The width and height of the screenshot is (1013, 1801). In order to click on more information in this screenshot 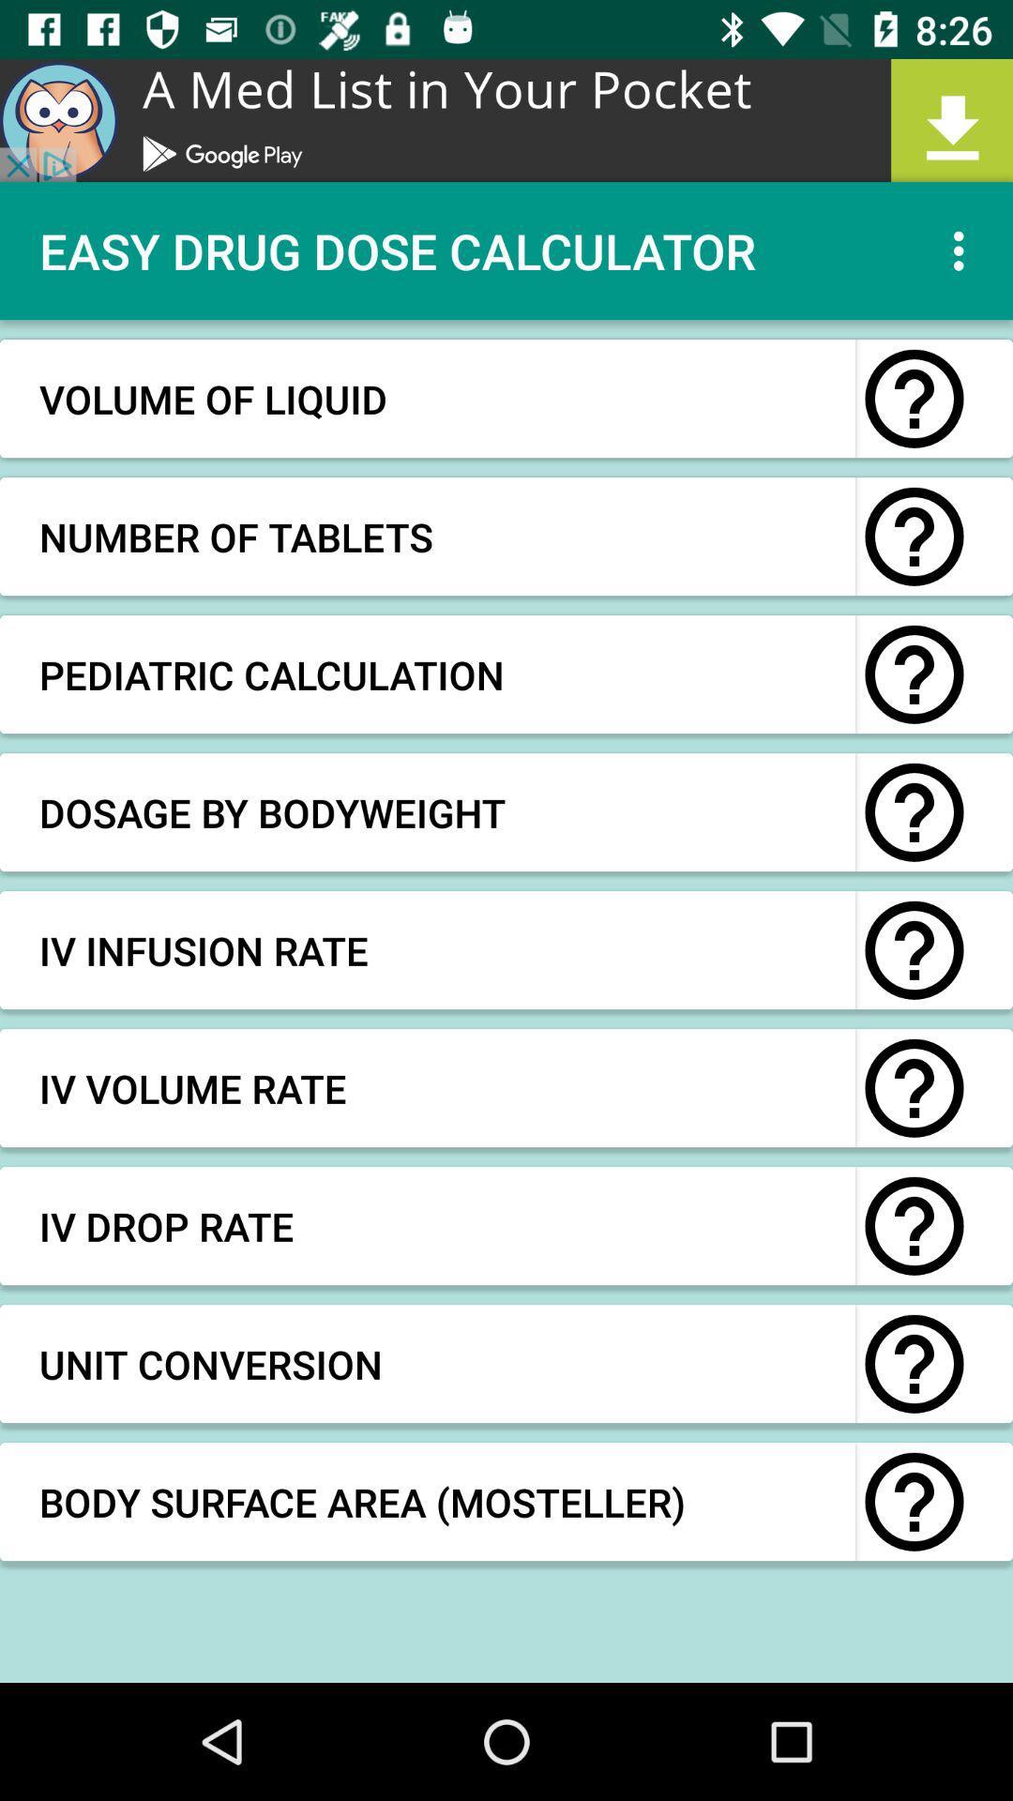, I will do `click(914, 536)`.